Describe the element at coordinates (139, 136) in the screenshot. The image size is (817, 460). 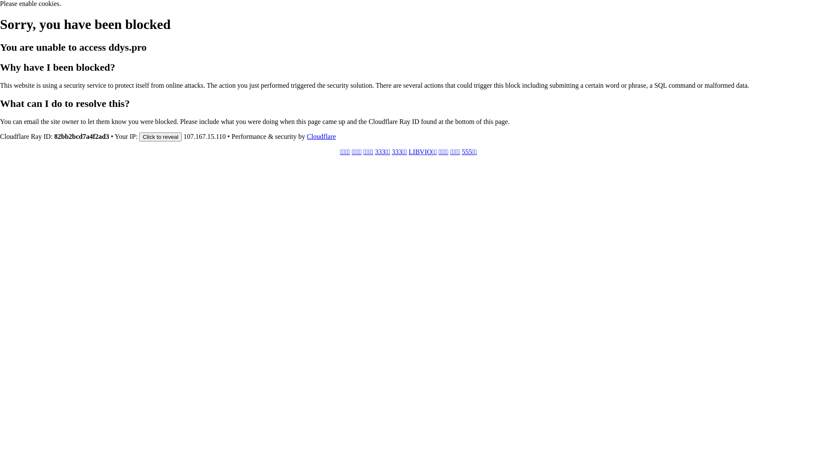
I see `'Click to reveal'` at that location.